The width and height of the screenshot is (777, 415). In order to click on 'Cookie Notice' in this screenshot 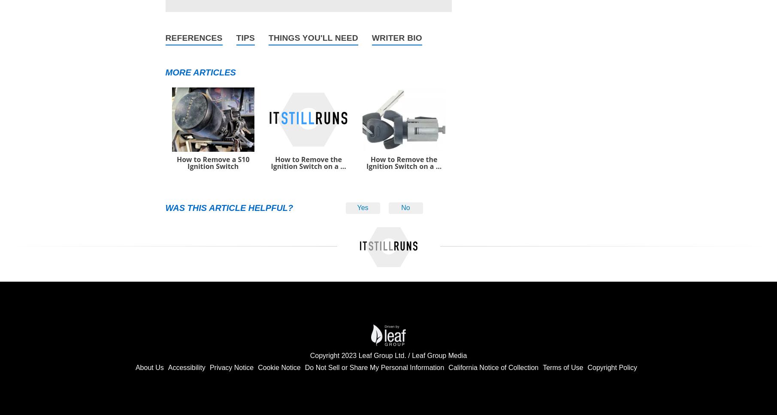, I will do `click(279, 367)`.